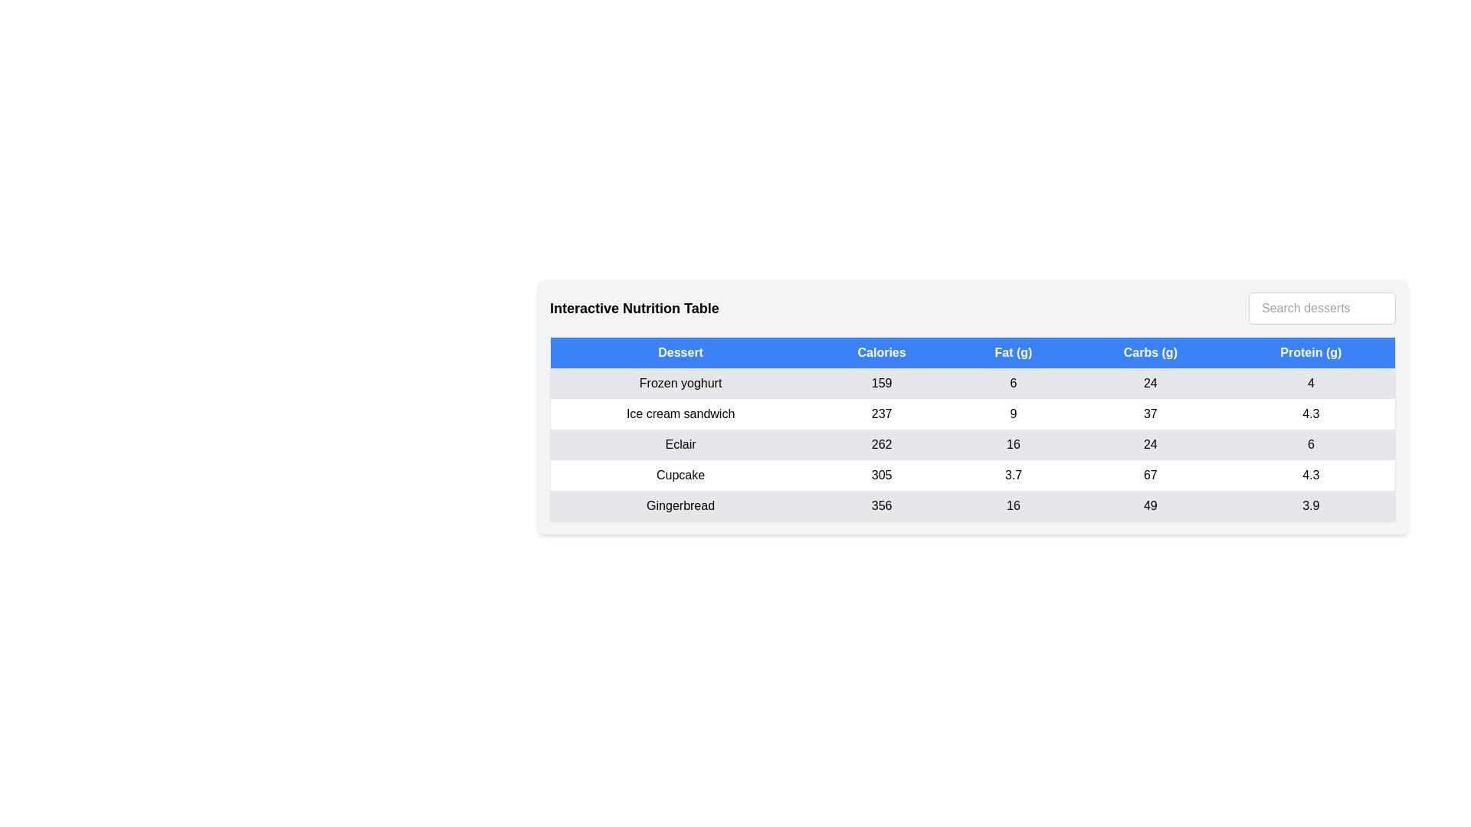  I want to click on the row corresponding to Eclair, so click(972, 445).